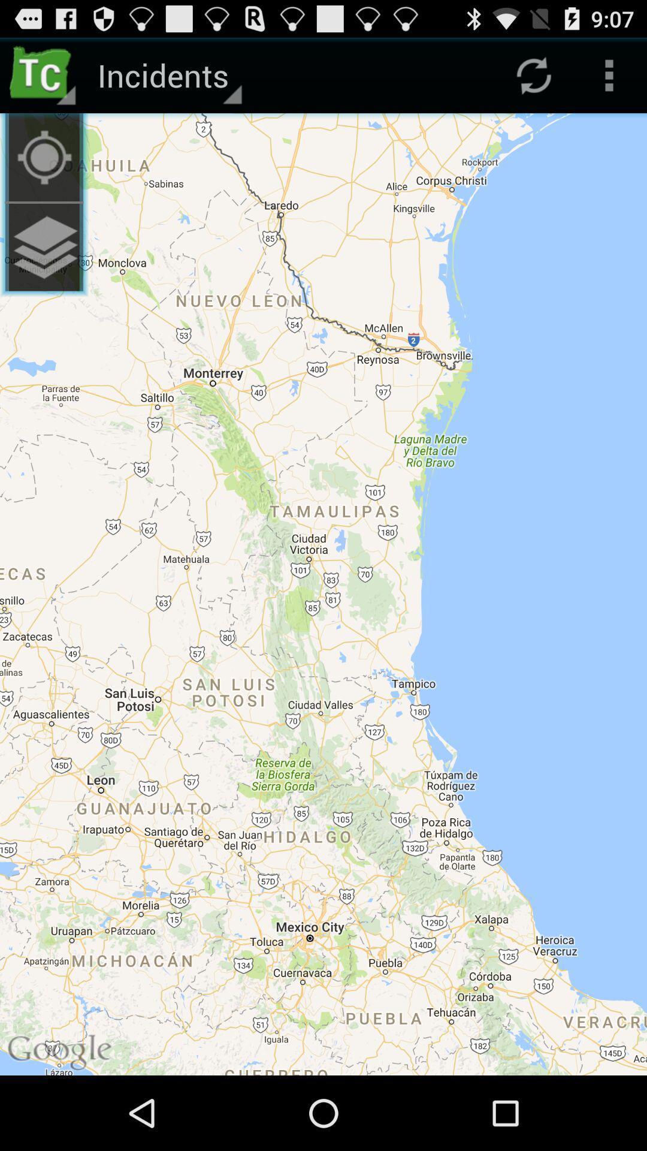 Image resolution: width=647 pixels, height=1151 pixels. Describe the element at coordinates (168, 74) in the screenshot. I see `incidents` at that location.